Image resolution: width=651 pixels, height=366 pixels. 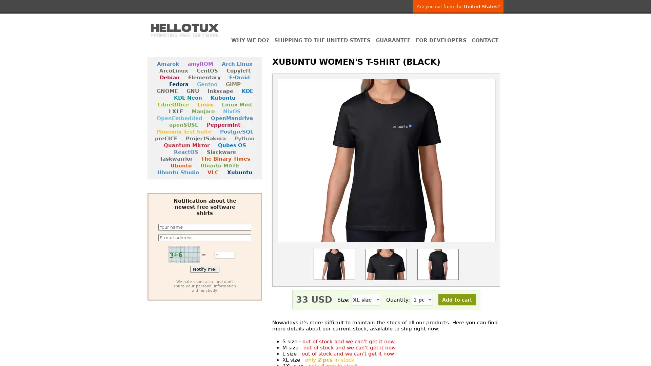 I want to click on Add to cart, so click(x=457, y=299).